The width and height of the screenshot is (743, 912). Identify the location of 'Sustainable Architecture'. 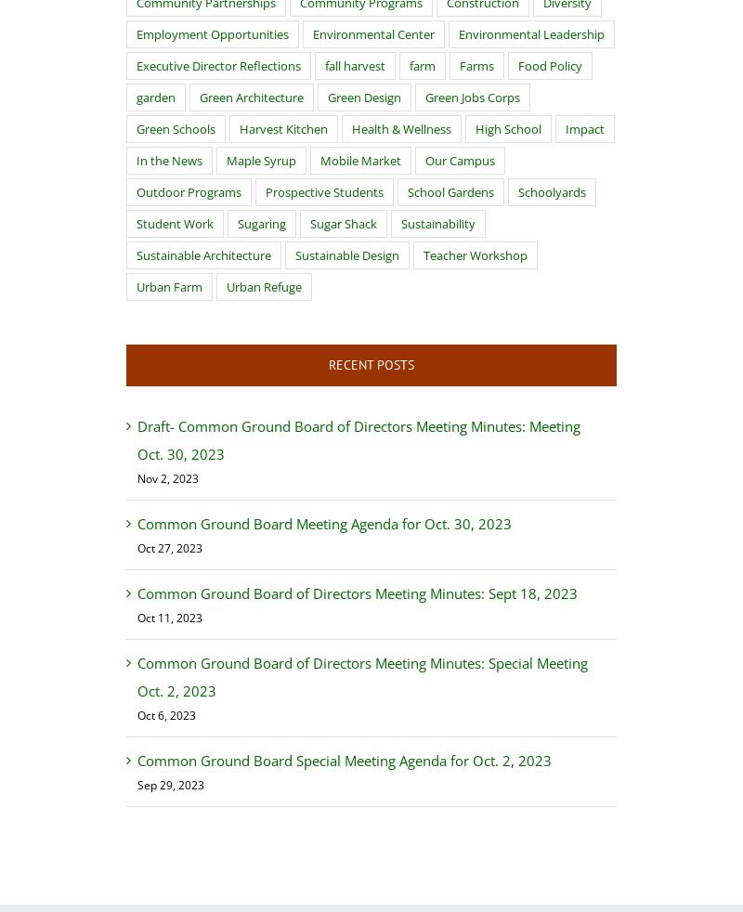
(203, 254).